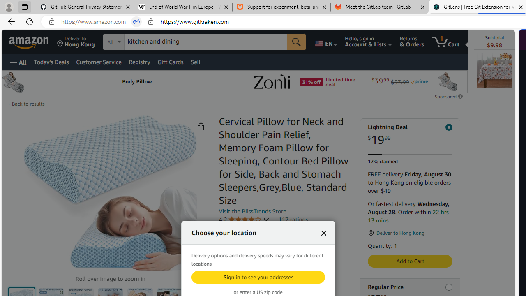 The width and height of the screenshot is (526, 296). What do you see at coordinates (410, 134) in the screenshot?
I see `'Lightning Deal $19.99'` at bounding box center [410, 134].